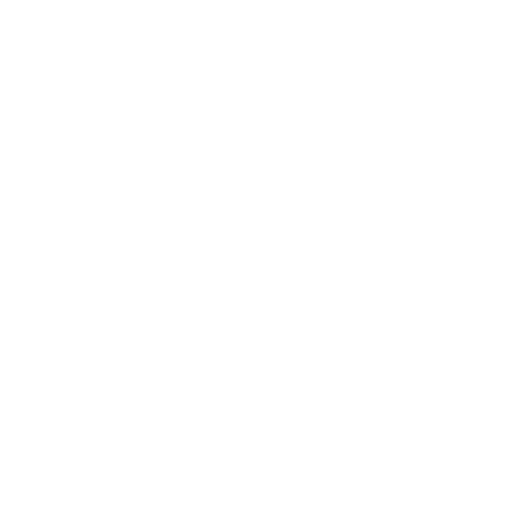  What do you see at coordinates (231, 314) in the screenshot?
I see `'Total RNA ≥ 17 nt'` at bounding box center [231, 314].